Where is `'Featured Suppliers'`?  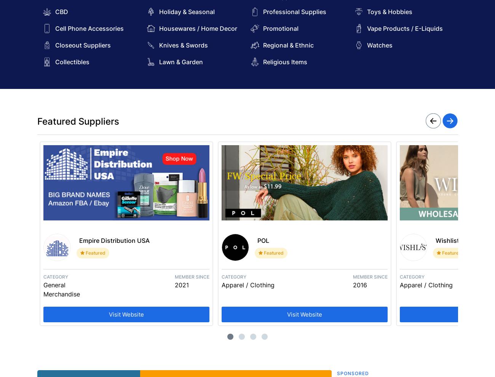 'Featured Suppliers' is located at coordinates (78, 121).